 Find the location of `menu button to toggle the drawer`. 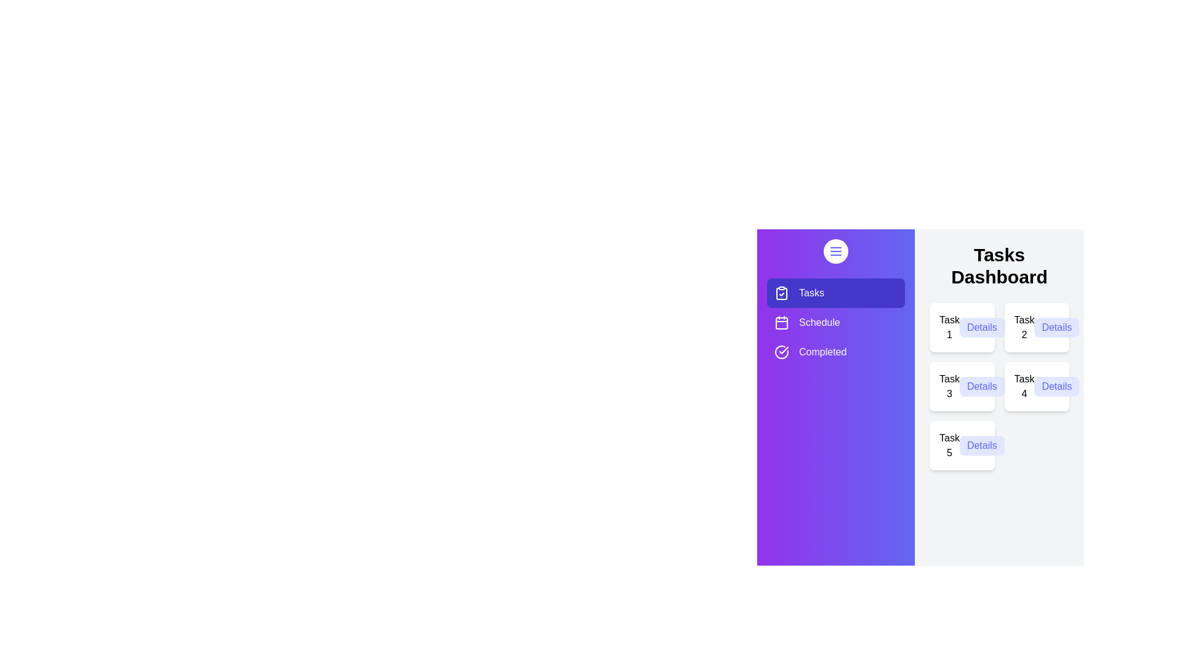

menu button to toggle the drawer is located at coordinates (836, 250).